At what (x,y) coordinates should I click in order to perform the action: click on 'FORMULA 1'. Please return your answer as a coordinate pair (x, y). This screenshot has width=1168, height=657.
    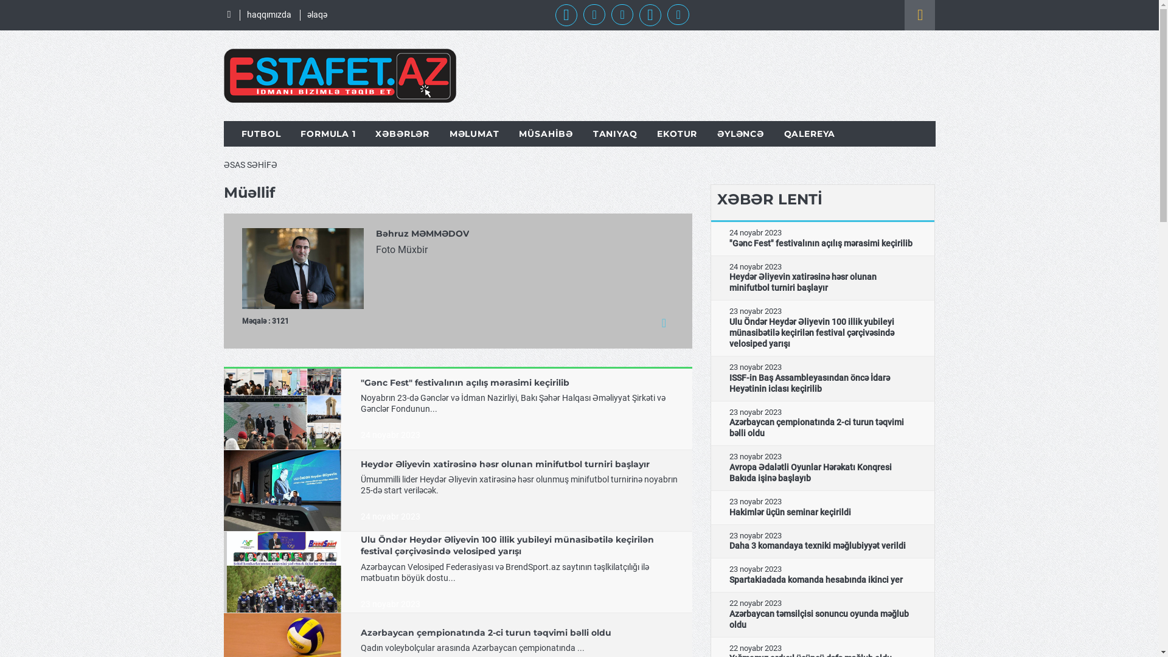
    Looking at the image, I should click on (328, 133).